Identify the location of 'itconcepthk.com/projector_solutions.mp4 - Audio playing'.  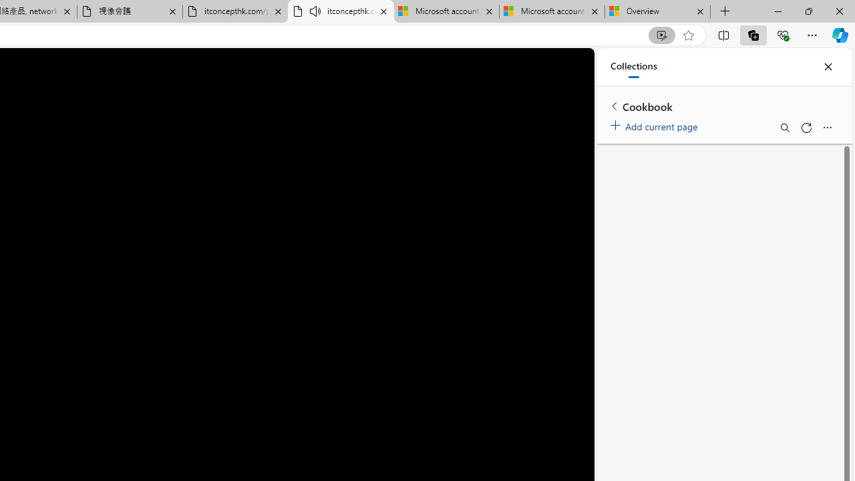
(341, 11).